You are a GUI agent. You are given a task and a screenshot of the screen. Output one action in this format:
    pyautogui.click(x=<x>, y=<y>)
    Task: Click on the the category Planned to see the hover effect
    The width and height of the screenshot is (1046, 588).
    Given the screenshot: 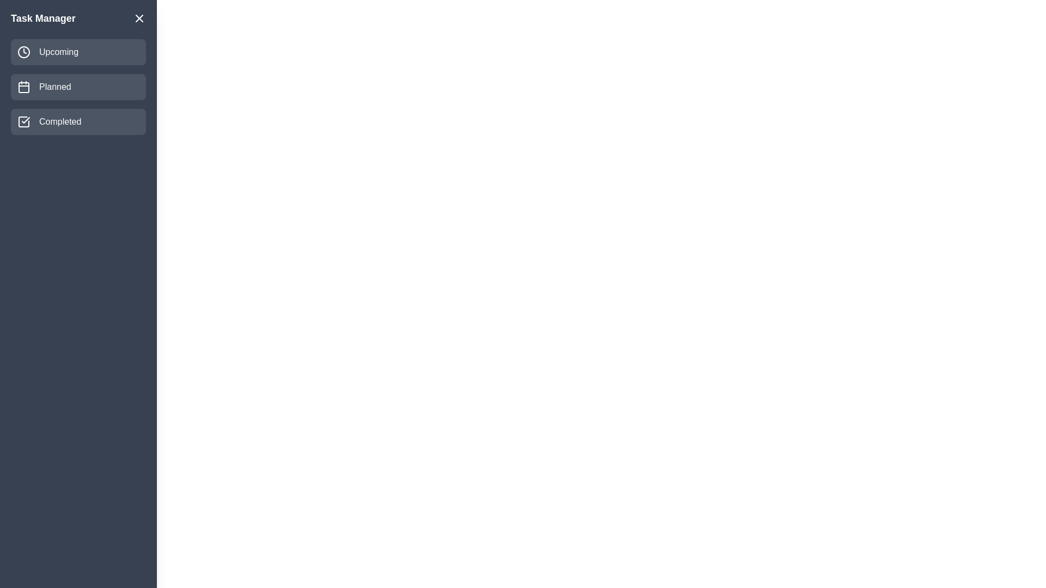 What is the action you would take?
    pyautogui.click(x=78, y=86)
    